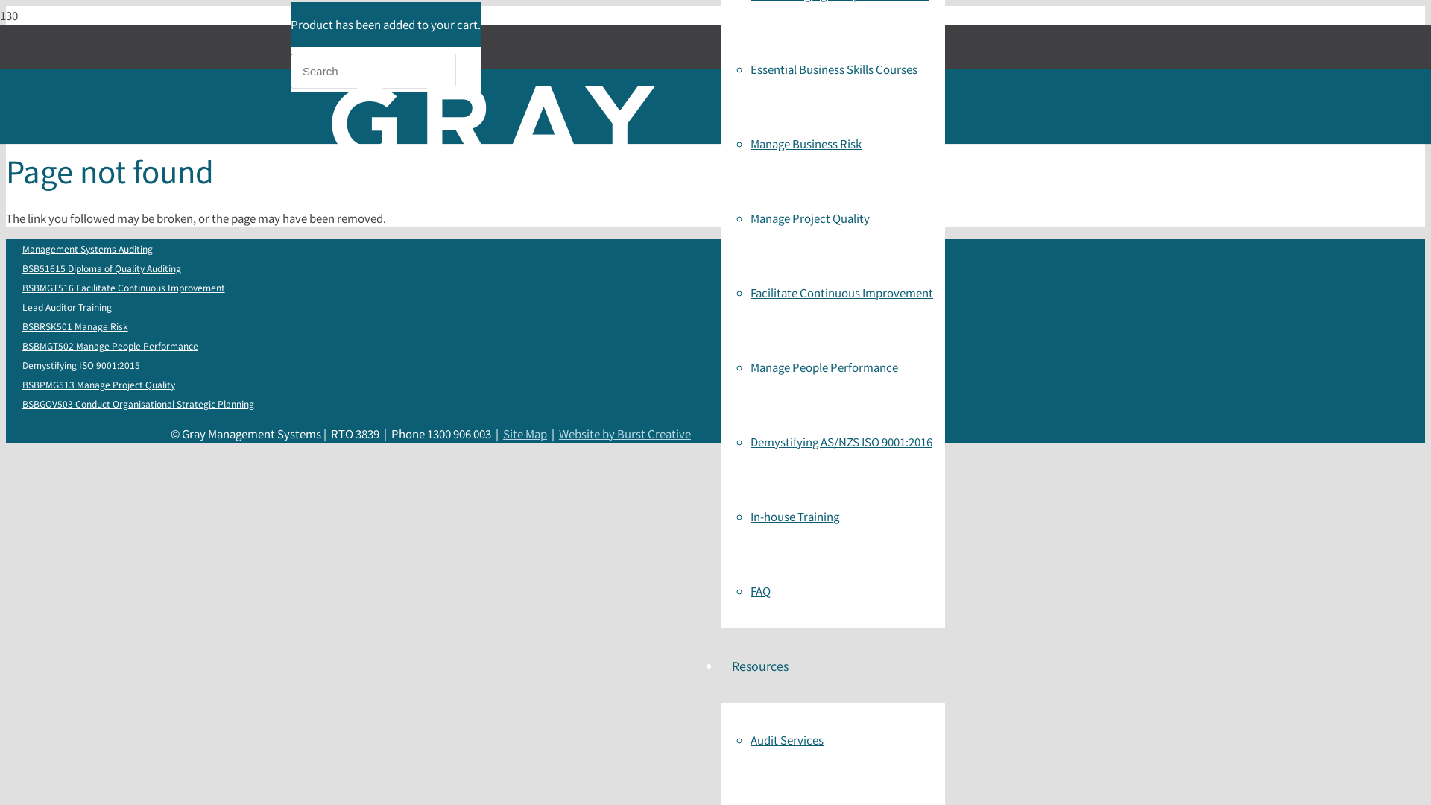 The height and width of the screenshot is (805, 1431). Describe the element at coordinates (86, 247) in the screenshot. I see `'Management Systems Auditing'` at that location.